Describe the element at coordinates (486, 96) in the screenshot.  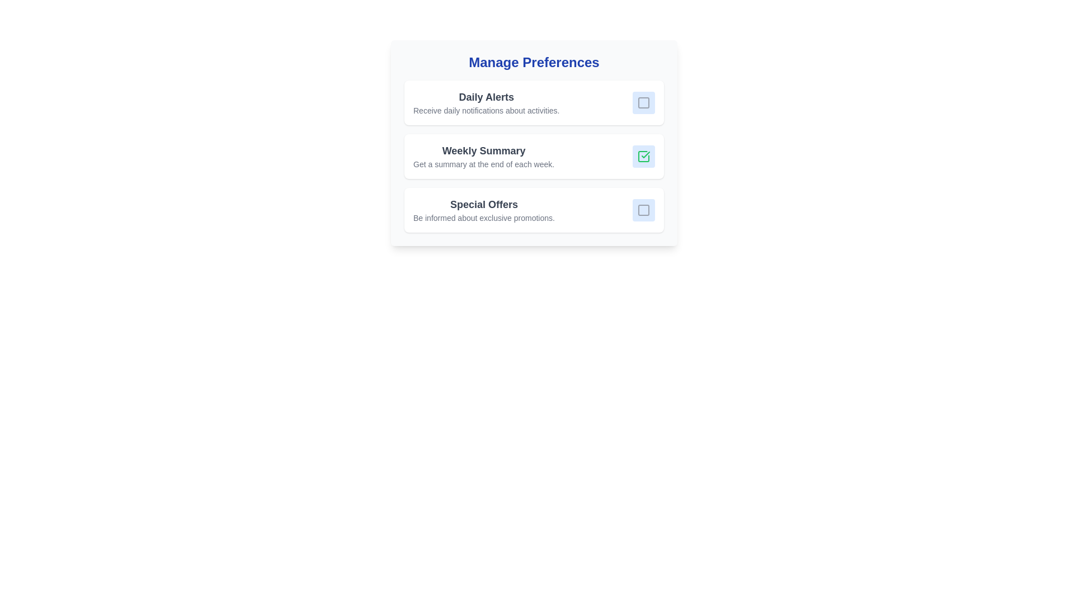
I see `the Text Label that serves as the title for the 'Daily Alerts' section, located at the top-left corner of its card component` at that location.